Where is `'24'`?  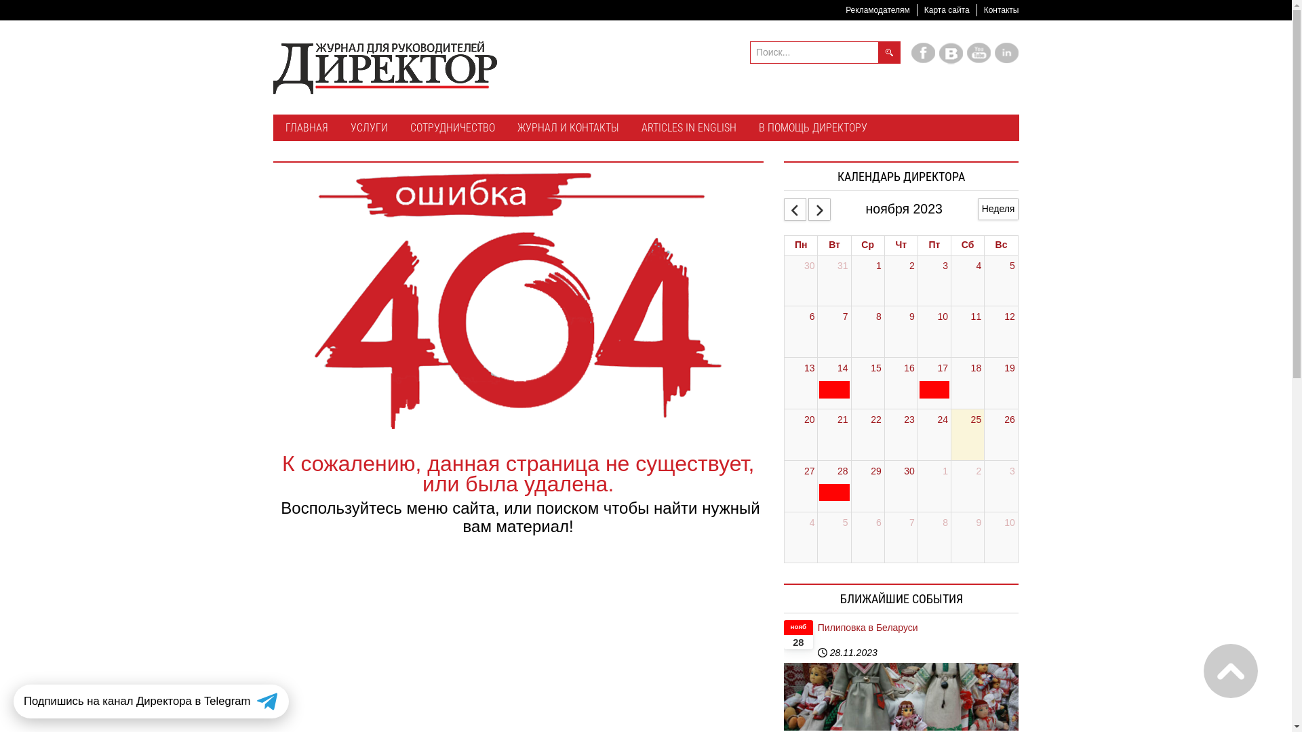
'24' is located at coordinates (942, 420).